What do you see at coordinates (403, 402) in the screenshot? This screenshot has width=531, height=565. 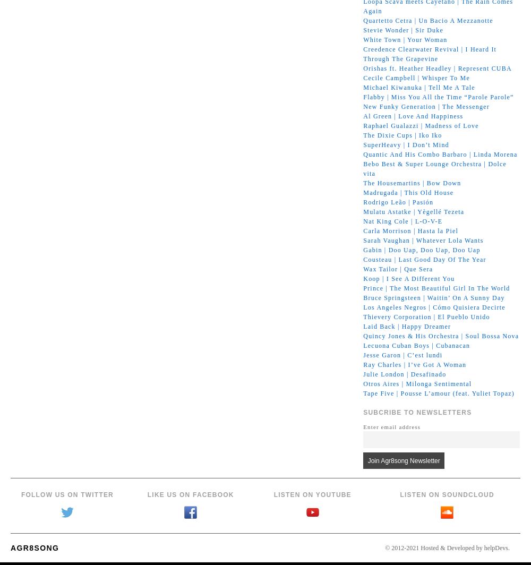 I see `'Nina Simone | Sinnerman'` at bounding box center [403, 402].